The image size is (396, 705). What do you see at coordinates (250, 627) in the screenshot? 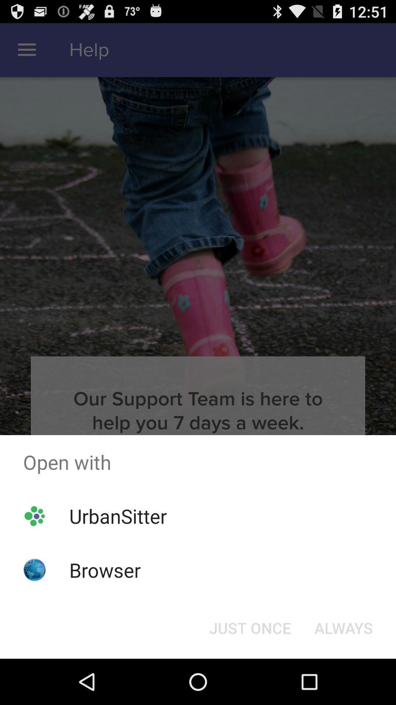
I see `just once icon` at bounding box center [250, 627].